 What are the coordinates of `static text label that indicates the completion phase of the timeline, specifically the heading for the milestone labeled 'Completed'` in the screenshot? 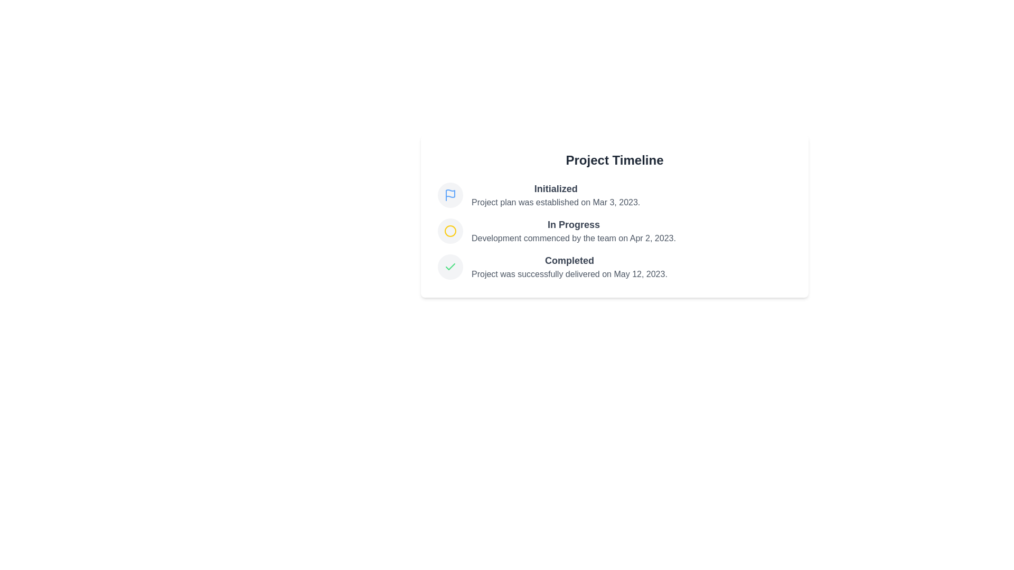 It's located at (569, 260).